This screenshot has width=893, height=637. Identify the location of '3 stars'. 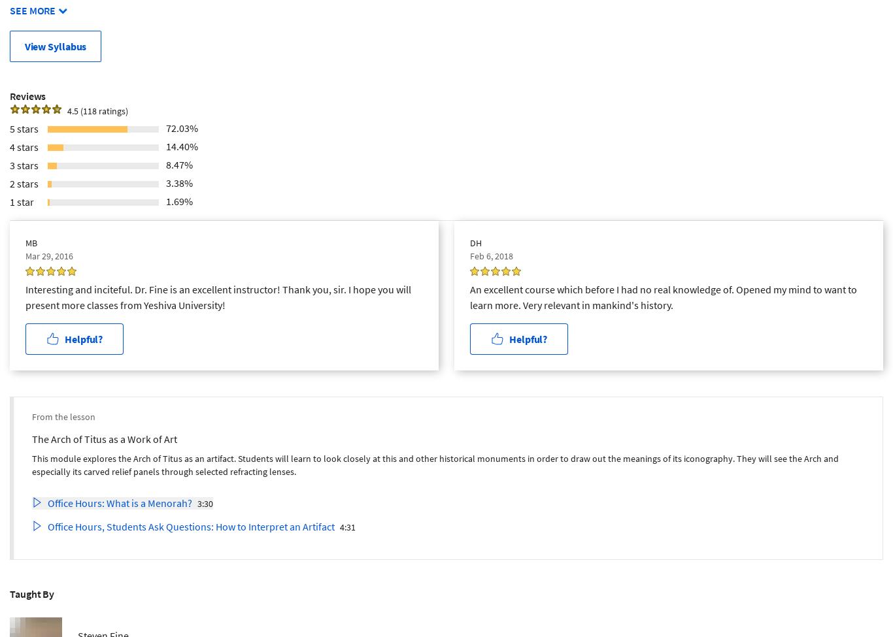
(24, 165).